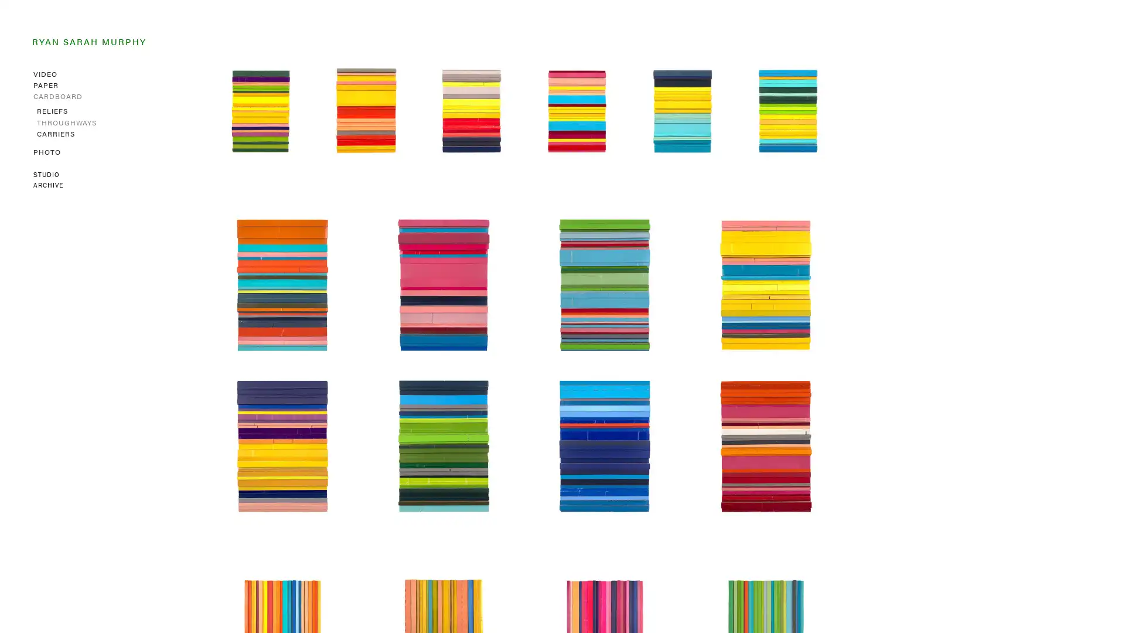  Describe the element at coordinates (605, 446) in the screenshot. I see `View fullsize Throughway - Blue (Site) , 2020 Unpainted cardboard and glue on Arches paper 11 x 7.5 inches` at that location.